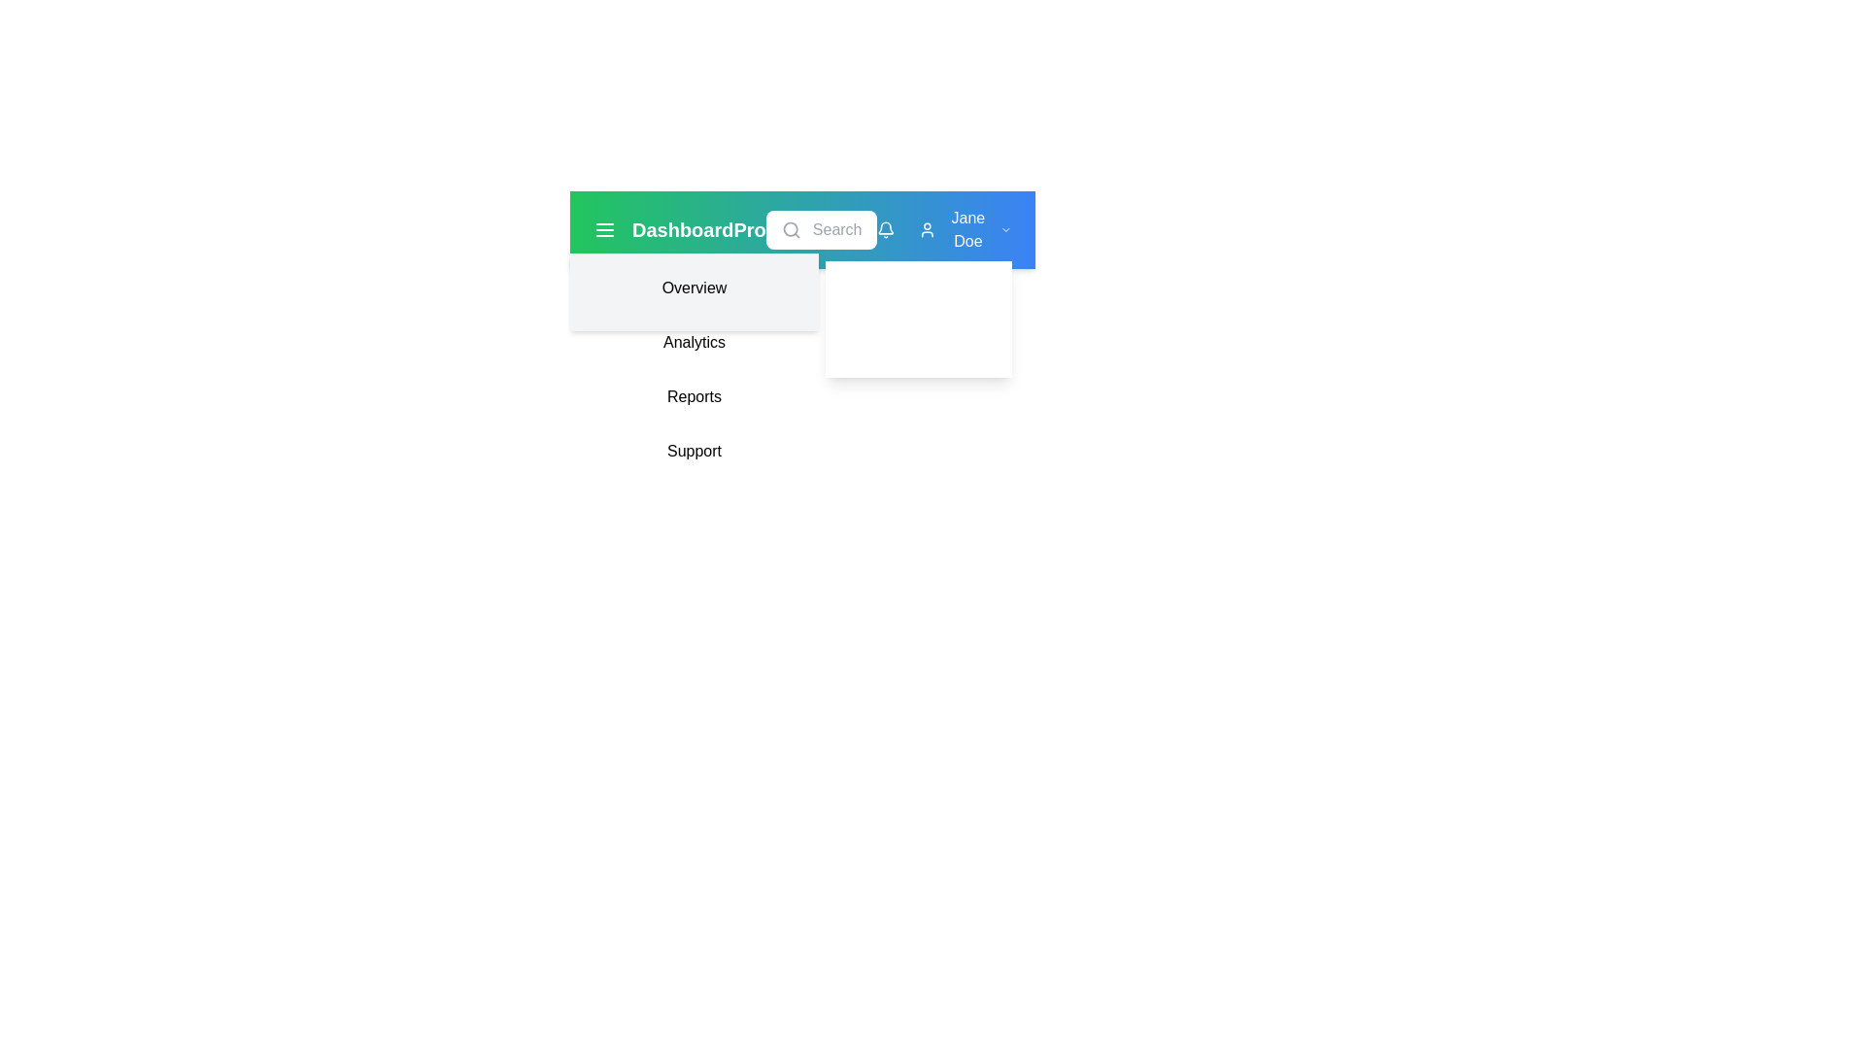 Image resolution: width=1865 pixels, height=1049 pixels. Describe the element at coordinates (695, 291) in the screenshot. I see `the 'Overview' menu item, the first option` at that location.